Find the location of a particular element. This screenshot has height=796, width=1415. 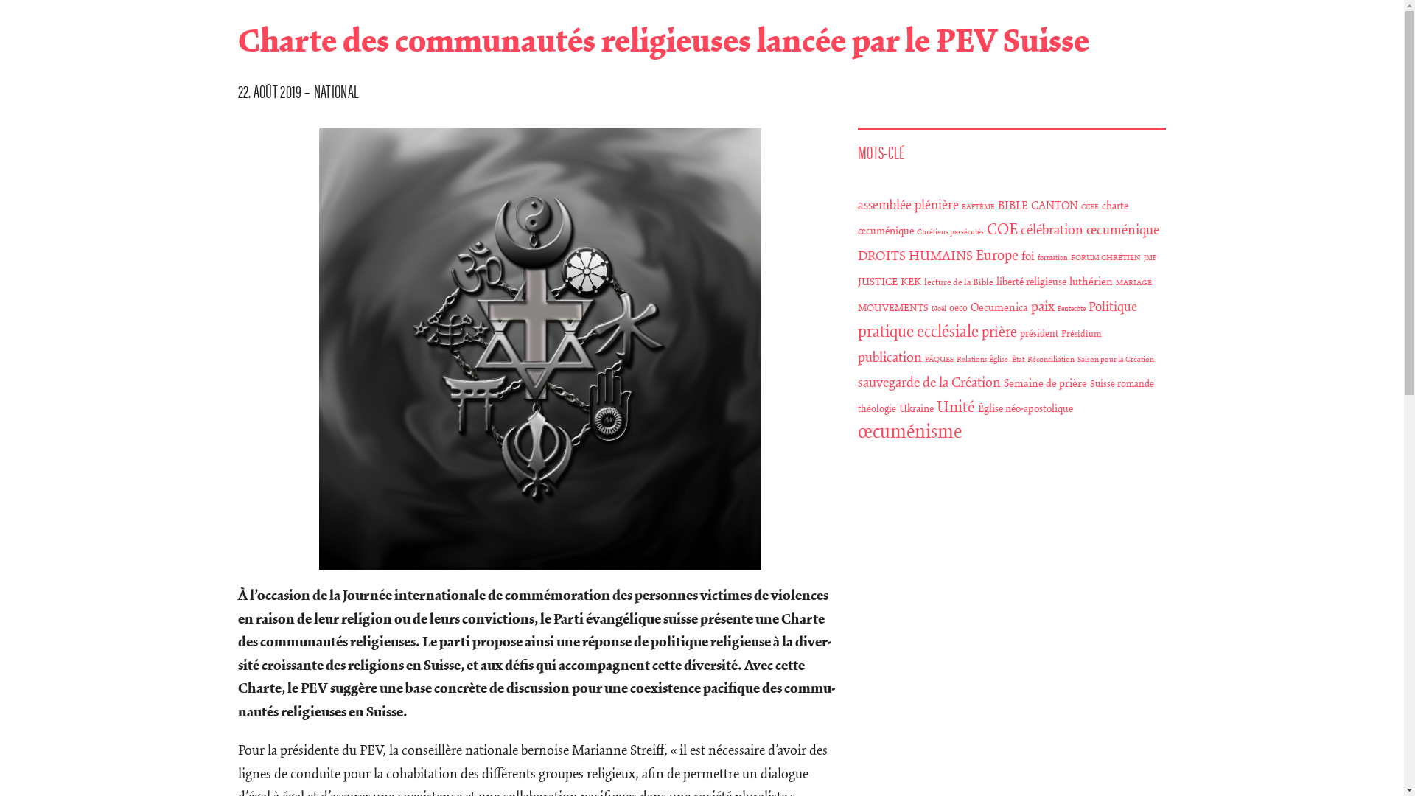

'foi' is located at coordinates (1027, 256).